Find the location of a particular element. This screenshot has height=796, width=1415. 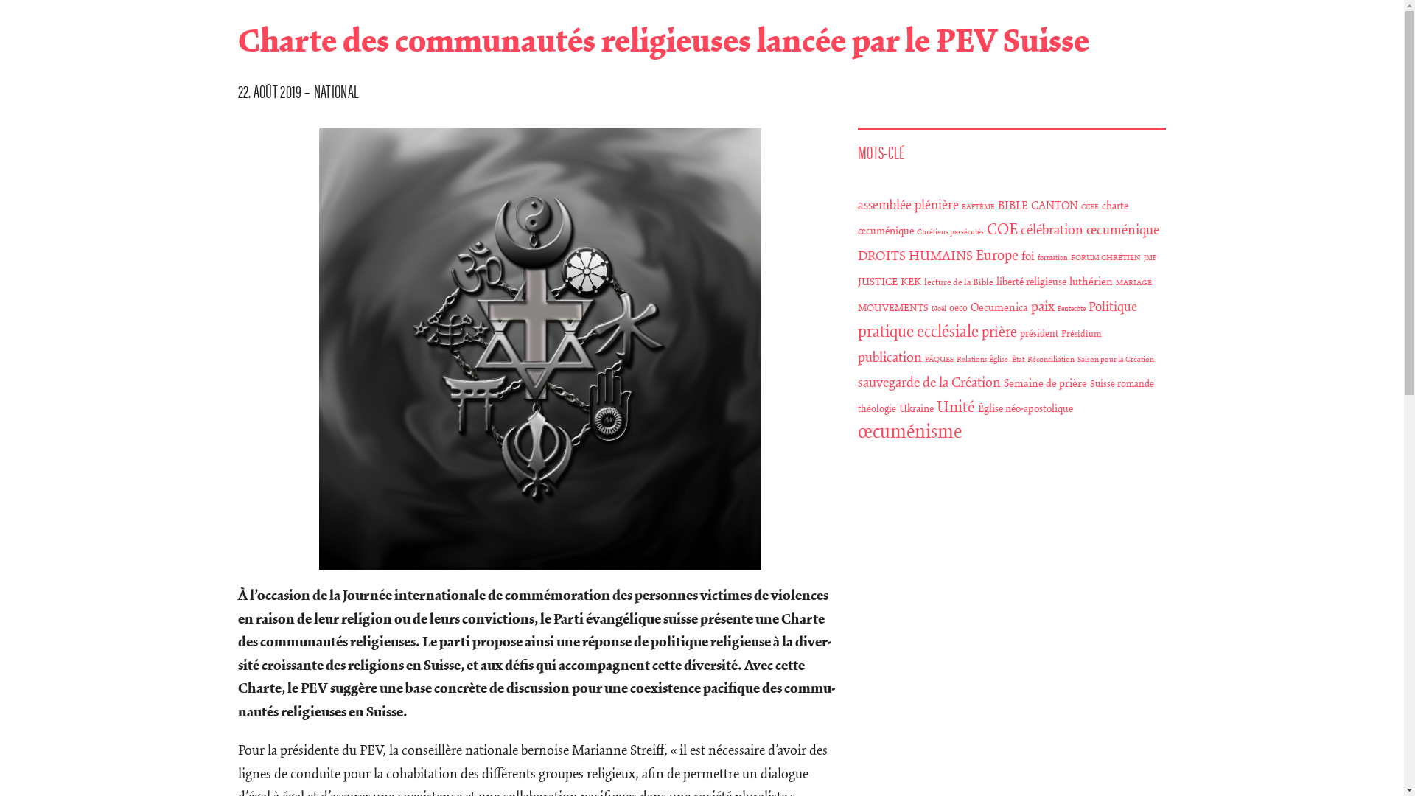

'foi' is located at coordinates (1027, 256).